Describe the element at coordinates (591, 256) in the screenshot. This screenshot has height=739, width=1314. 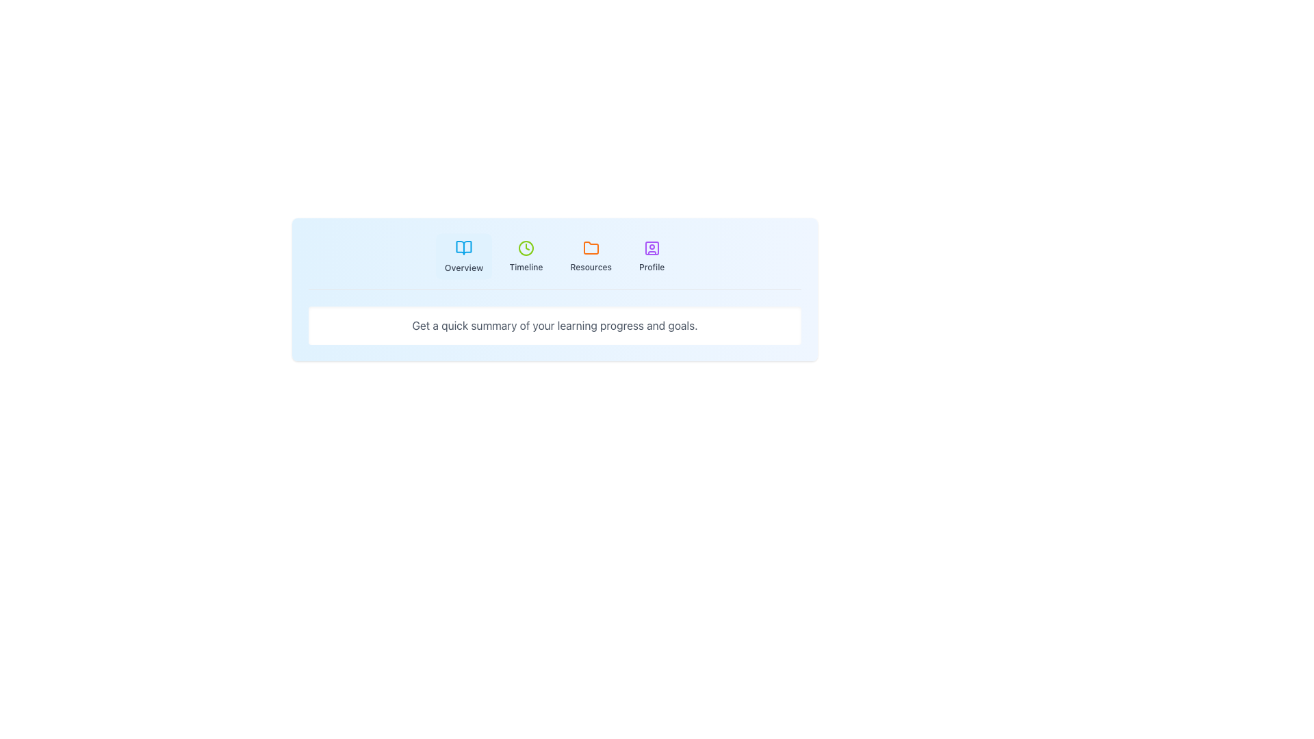
I see `the 'Resources' button, which features an orange folder icon and gray text` at that location.